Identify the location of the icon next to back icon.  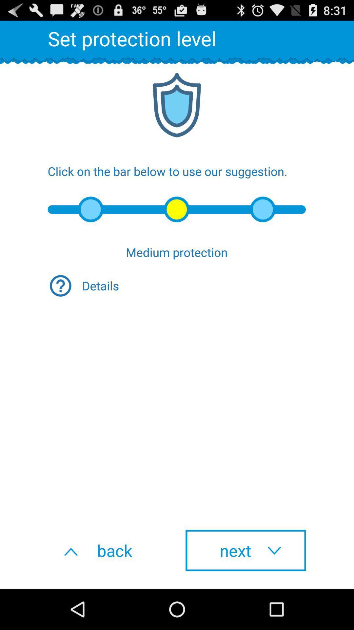
(246, 550).